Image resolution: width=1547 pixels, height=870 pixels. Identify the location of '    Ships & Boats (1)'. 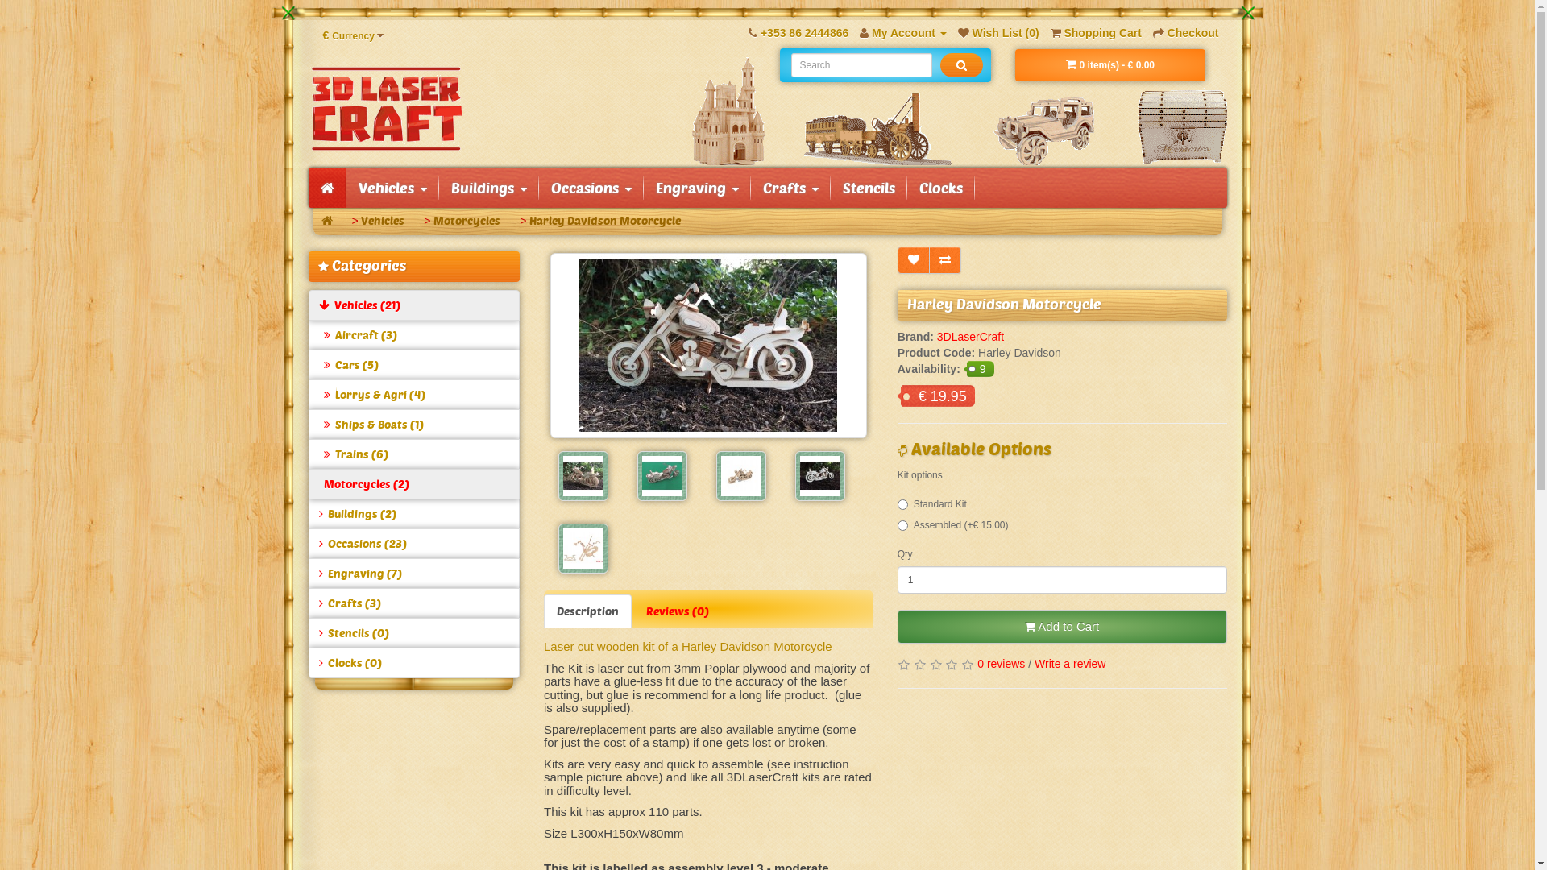
(413, 424).